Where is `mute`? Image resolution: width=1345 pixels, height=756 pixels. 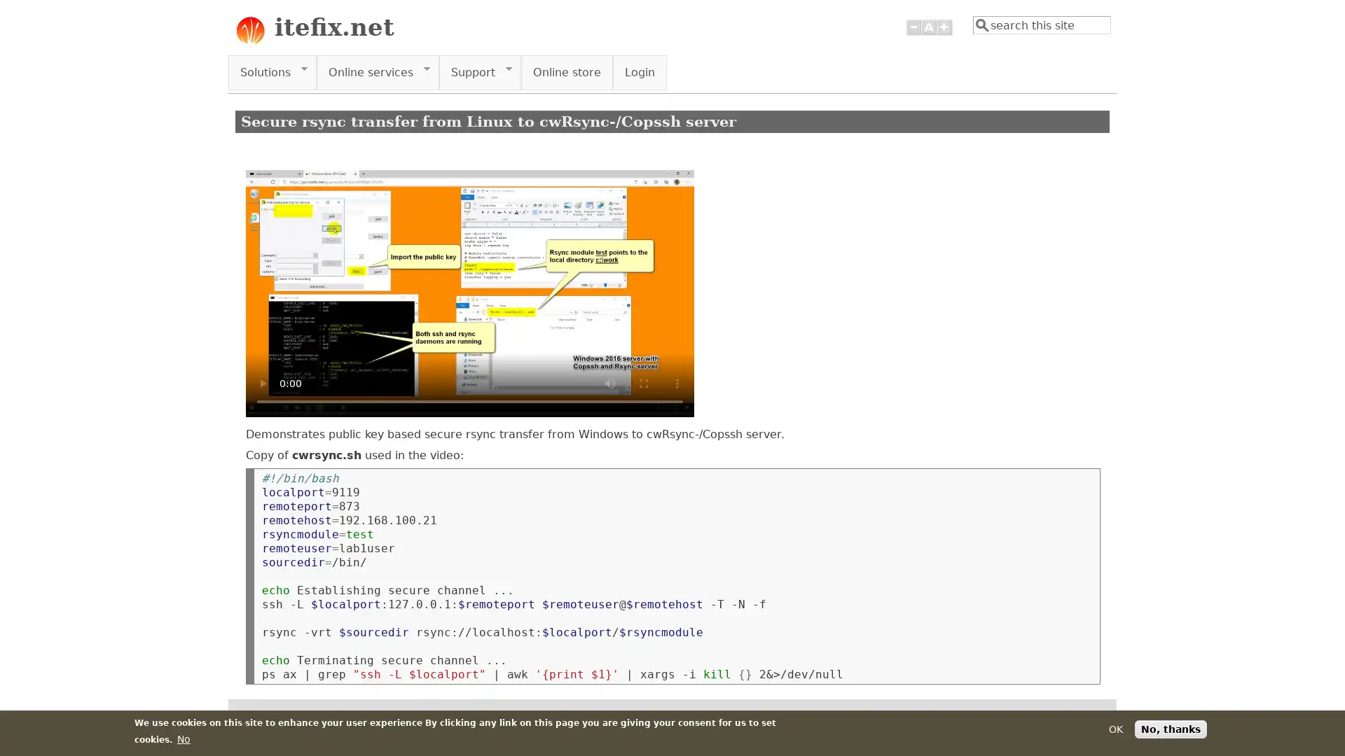 mute is located at coordinates (609, 383).